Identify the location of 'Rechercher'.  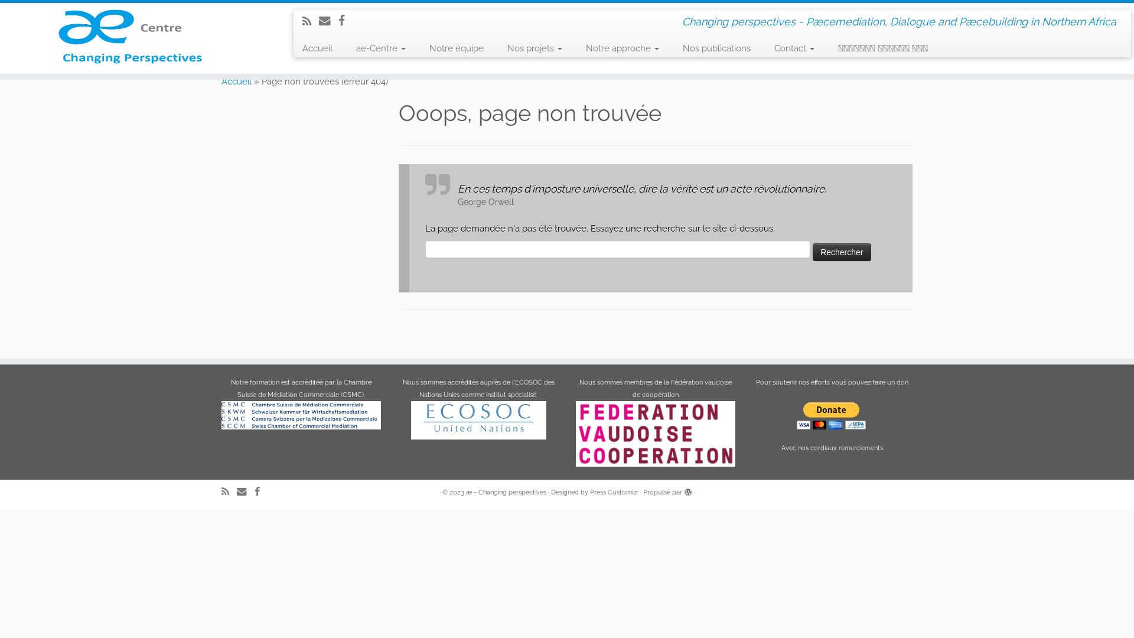
(841, 252).